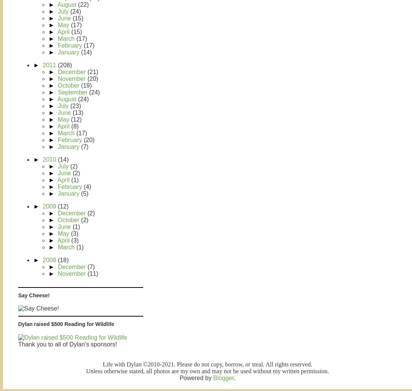  I want to click on 'Thank you to all of Dylan's sponsors!', so click(67, 343).